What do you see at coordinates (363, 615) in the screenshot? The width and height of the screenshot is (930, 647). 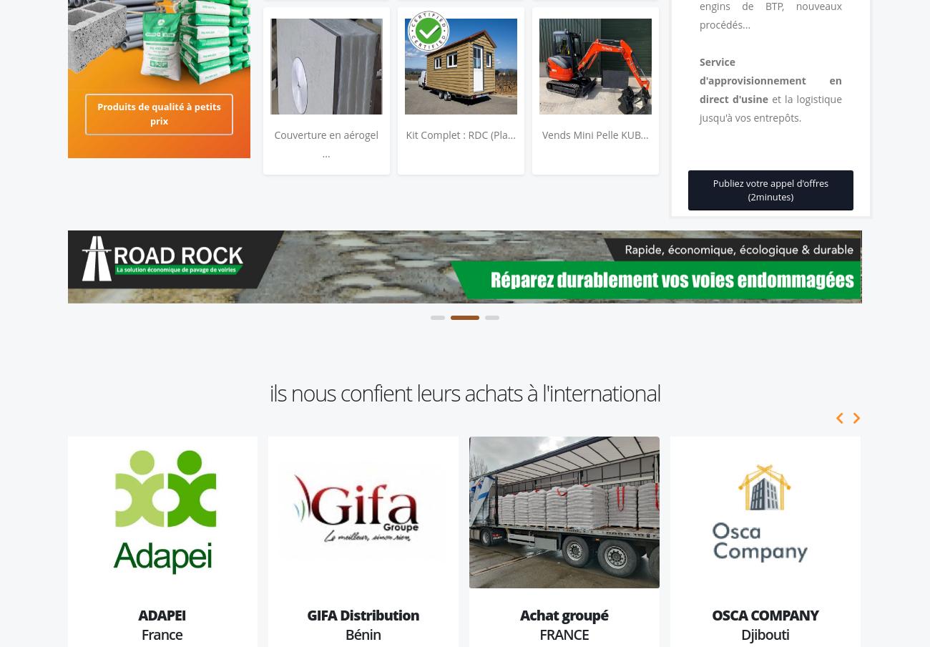 I see `'GIFA Distribution'` at bounding box center [363, 615].